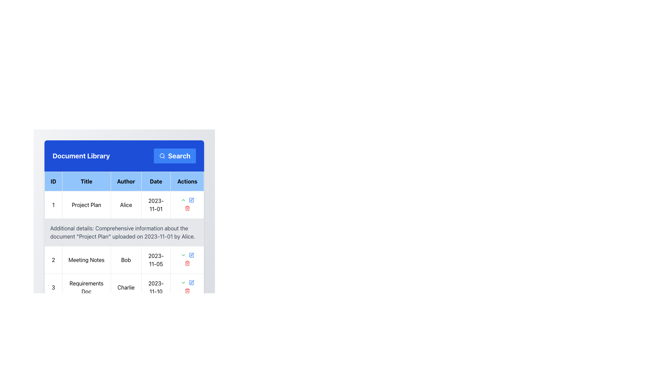  Describe the element at coordinates (187, 291) in the screenshot. I see `the red trash bin icon (Delete Icon) in the Actions column of the table` at that location.